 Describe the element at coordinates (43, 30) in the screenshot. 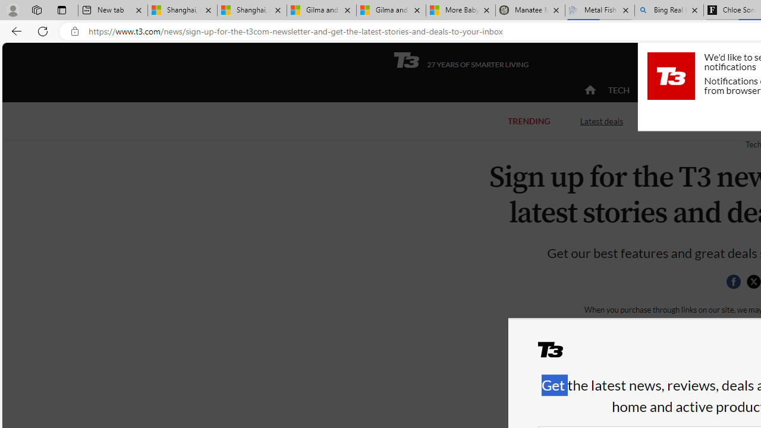

I see `'Refresh'` at that location.